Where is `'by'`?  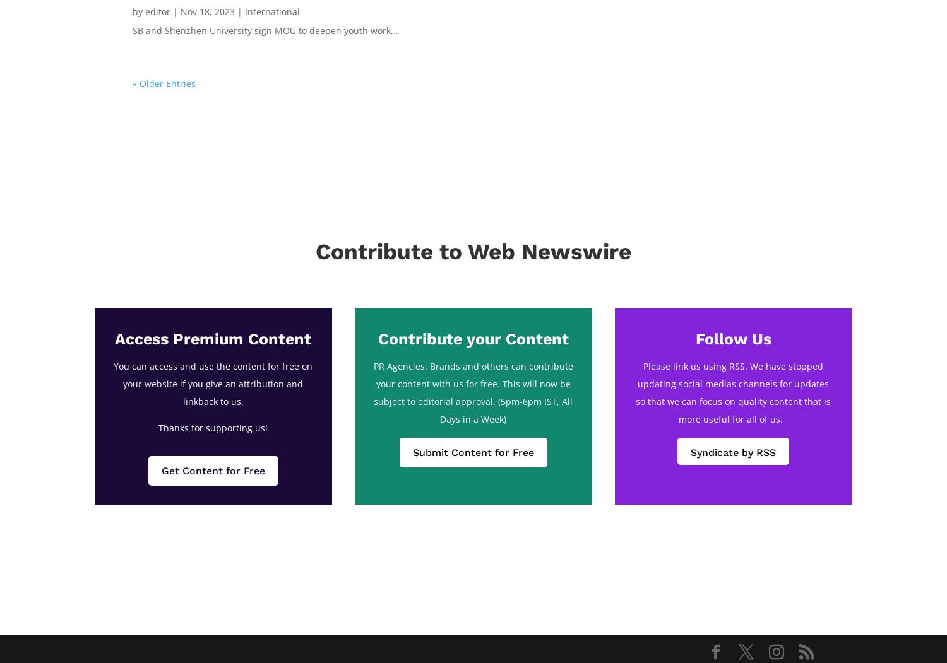 'by' is located at coordinates (138, 11).